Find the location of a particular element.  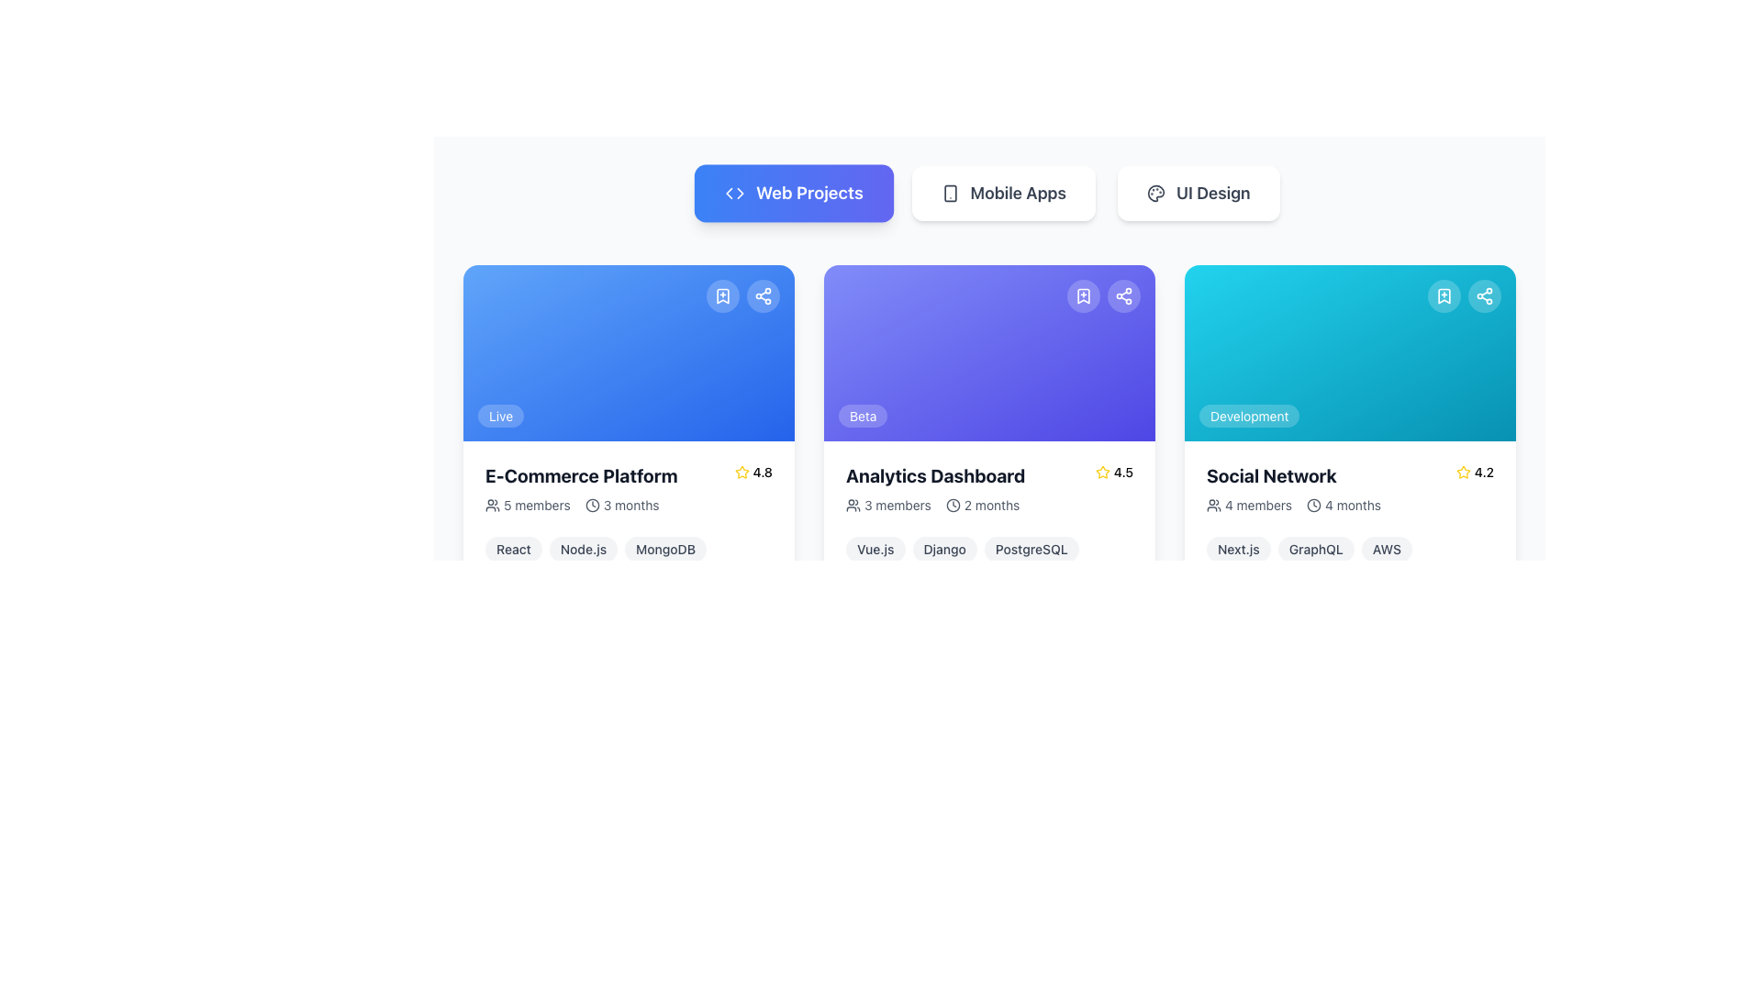

the bookmark icon in the top-right corner of the 'E-Commerce Platform' card is located at coordinates (721, 295).